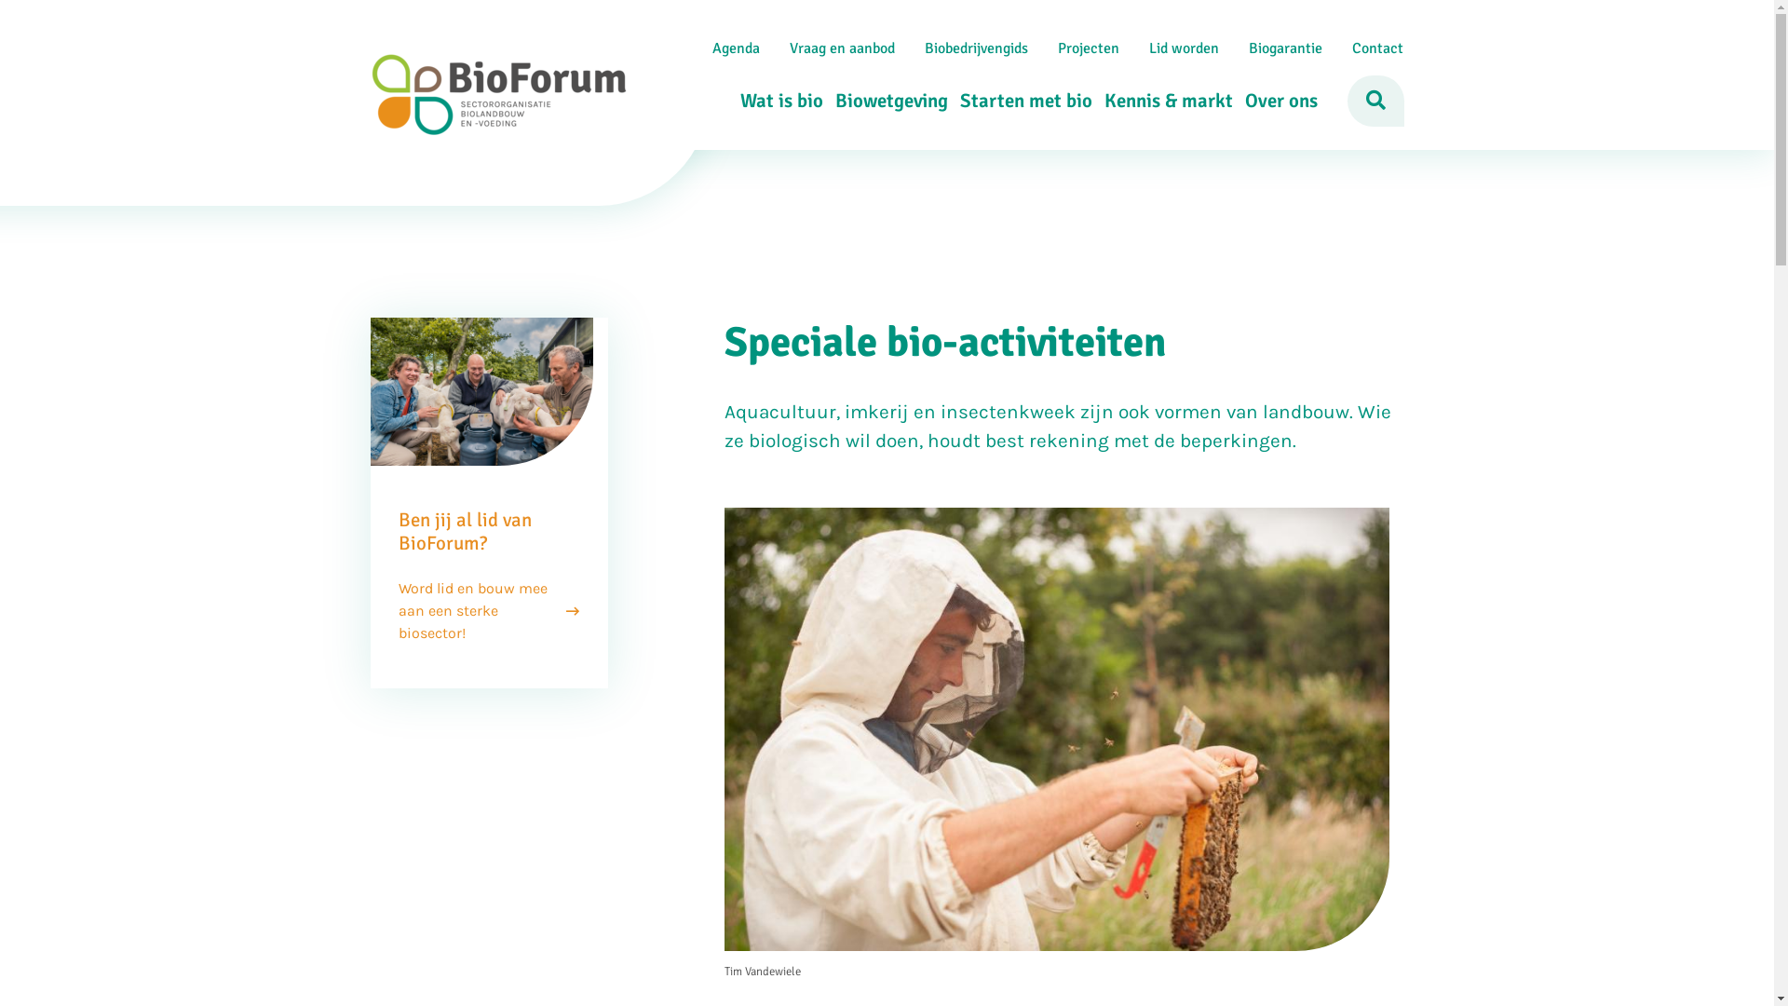 This screenshot has height=1006, width=1788. Describe the element at coordinates (498, 93) in the screenshot. I see `'bioforum_logo'` at that location.